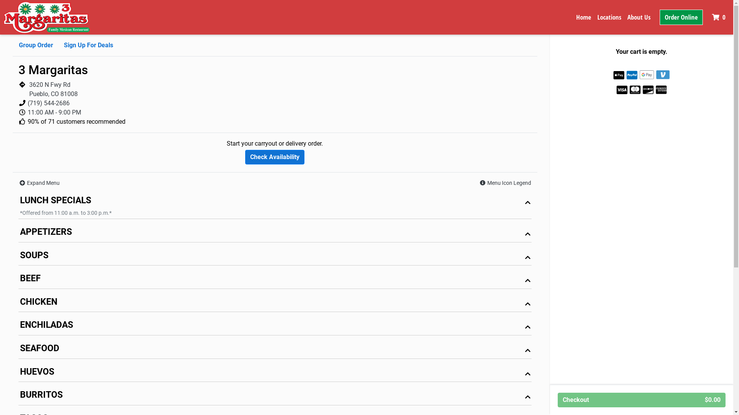 Image resolution: width=739 pixels, height=415 pixels. I want to click on 'HUEVOS', so click(275, 373).